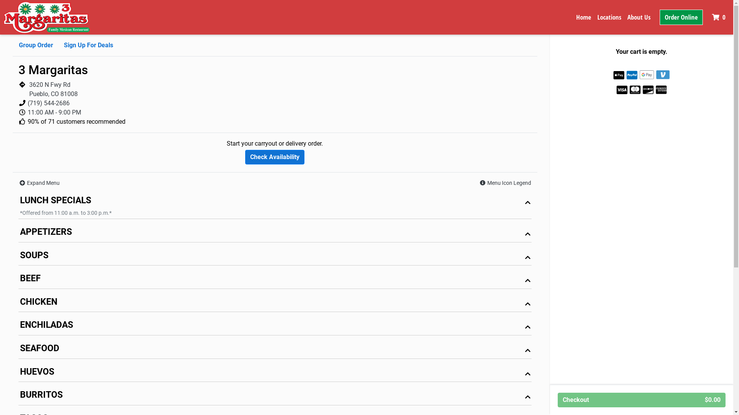 Image resolution: width=739 pixels, height=415 pixels. I want to click on 'HUEVOS', so click(275, 373).